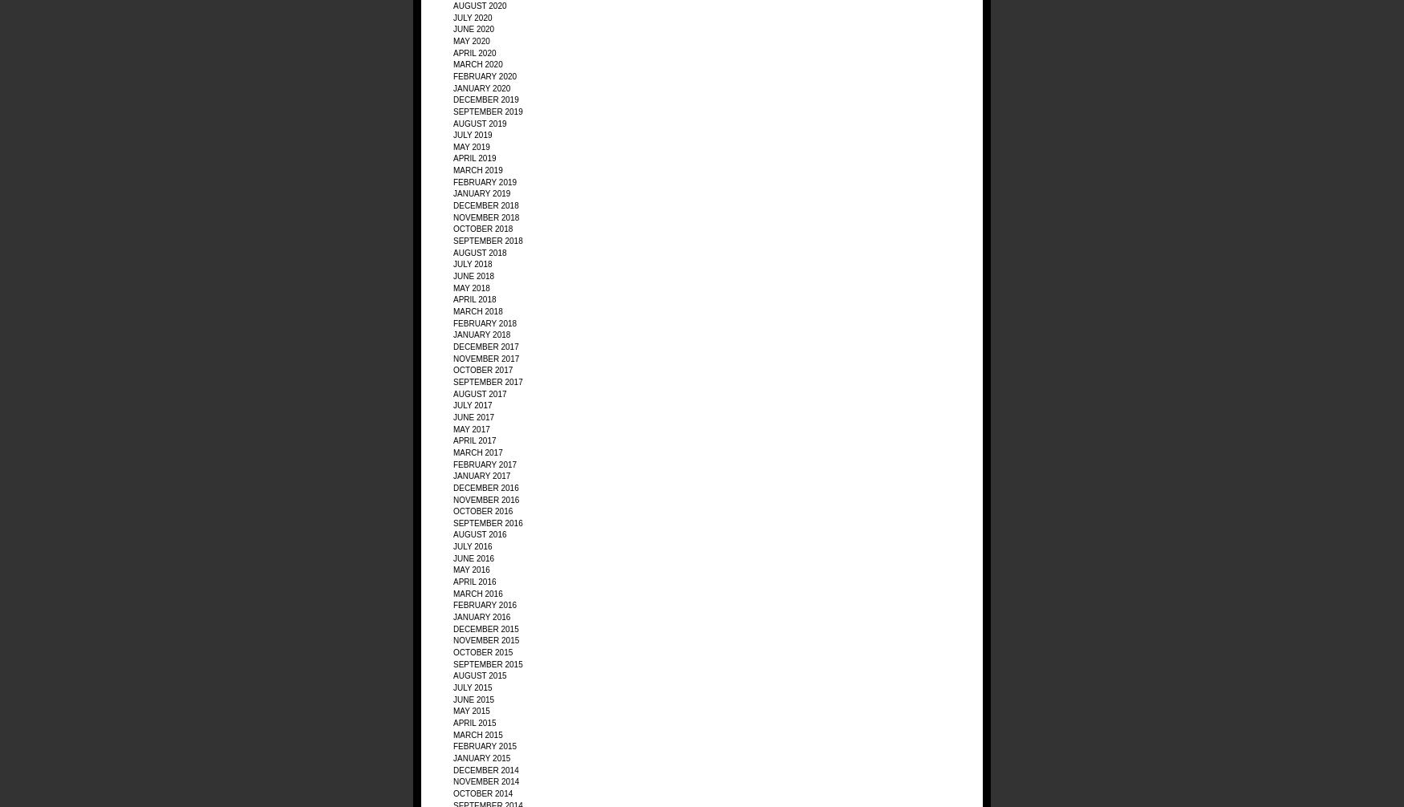  I want to click on 'March 2020', so click(477, 64).